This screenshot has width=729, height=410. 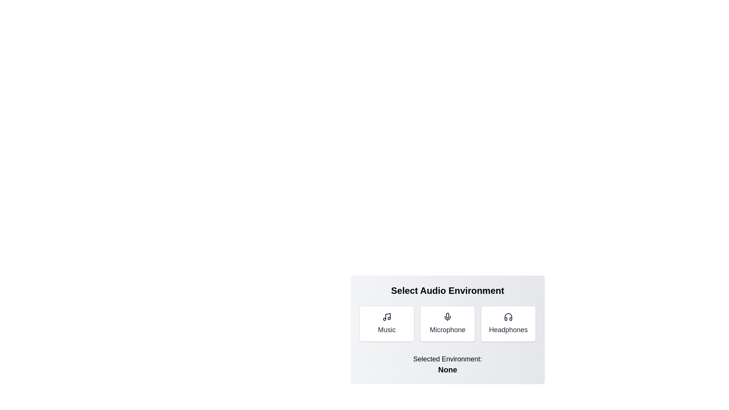 I want to click on the 'Music' text label located in the first card of the audio environment options, which is positioned to the left of the 'Microphone' and 'Headphones' cards, so click(x=387, y=329).